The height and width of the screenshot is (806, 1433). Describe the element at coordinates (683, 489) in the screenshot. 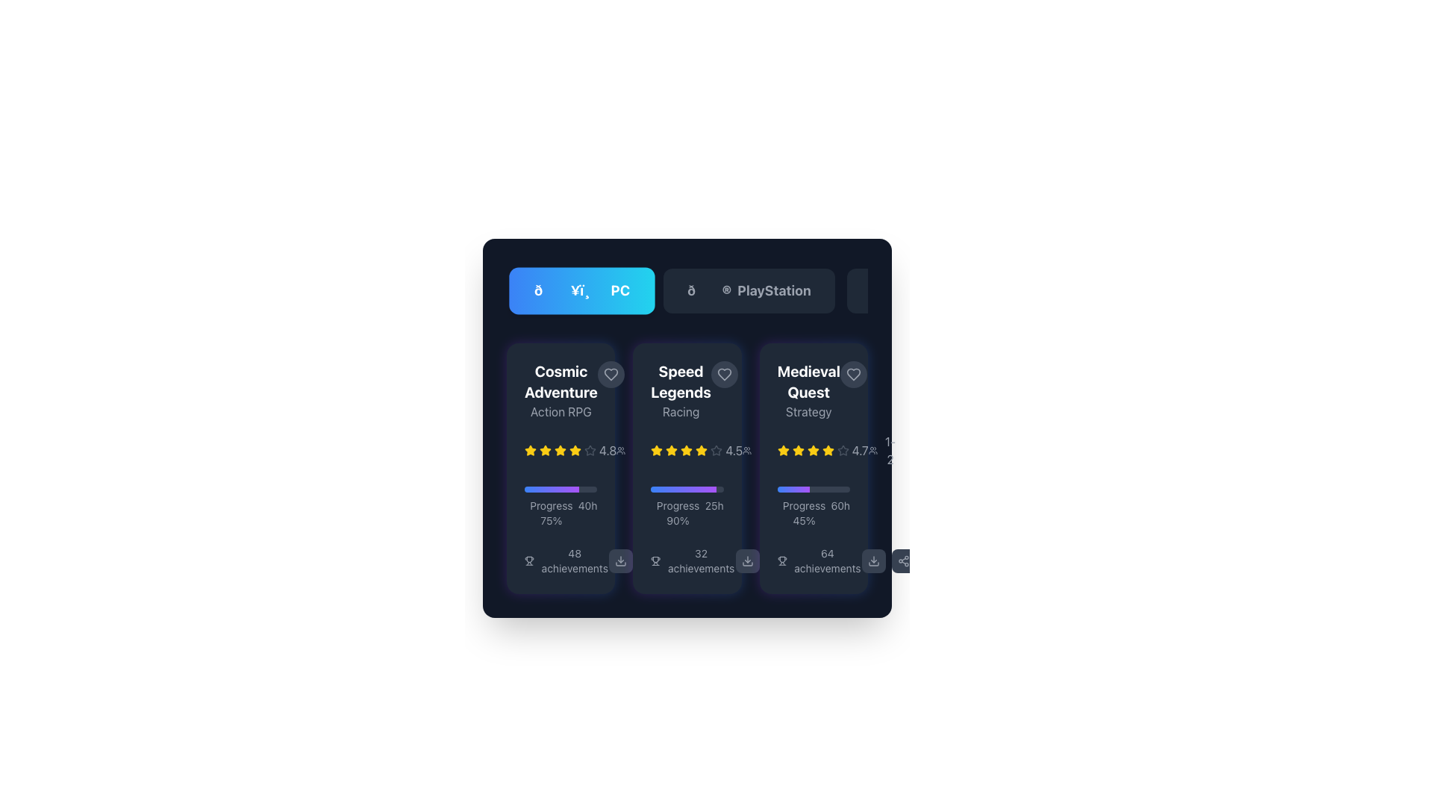

I see `the progress bar located in the 'Speed Legends' card, which visually represents the progress of a task, situated between the star rating and the 'Progress 25h 90%' text` at that location.